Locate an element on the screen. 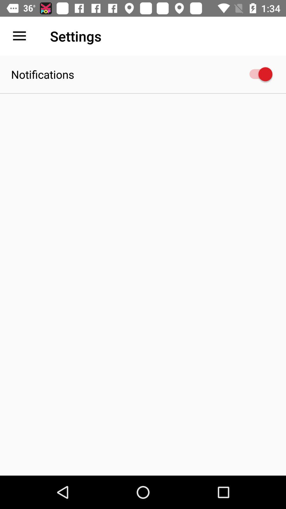 This screenshot has height=509, width=286. the icon next to the notifications item is located at coordinates (258, 74).